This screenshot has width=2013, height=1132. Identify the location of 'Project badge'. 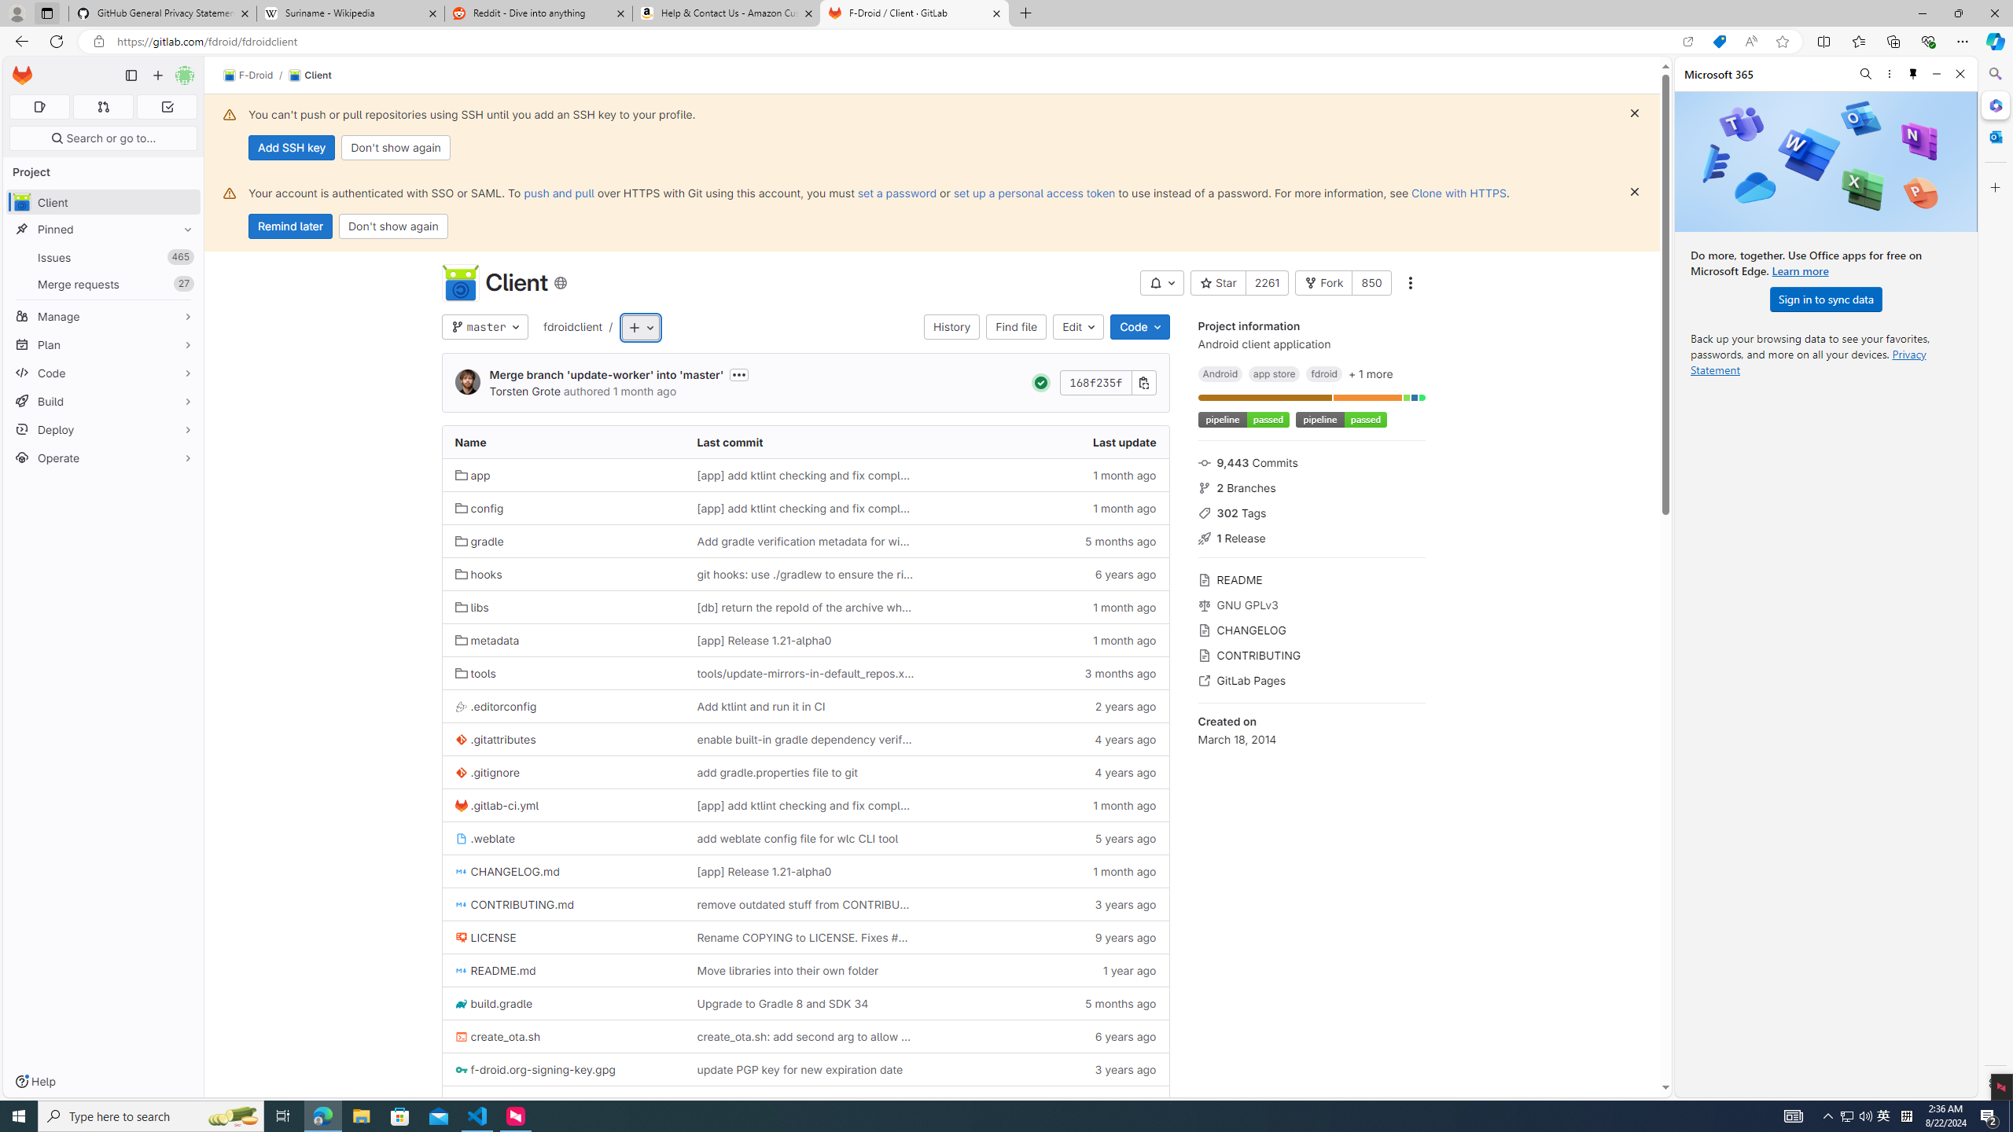
(1339, 419).